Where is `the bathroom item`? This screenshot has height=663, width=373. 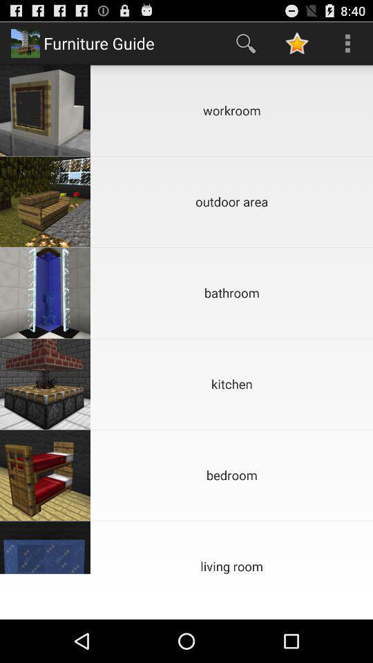
the bathroom item is located at coordinates (231, 293).